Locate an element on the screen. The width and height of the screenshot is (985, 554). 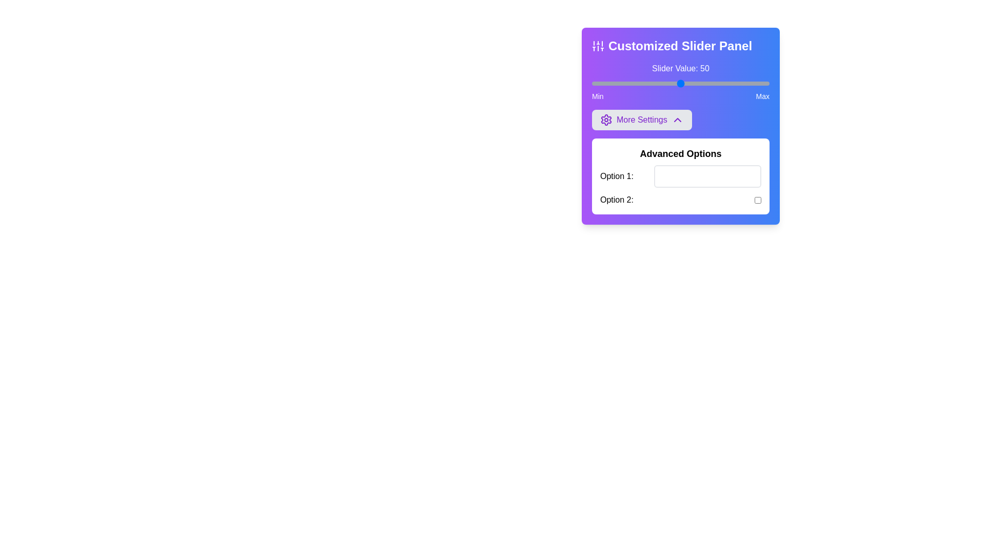
the 'More Settings' button with a light gray background, purple text, and icons on either side is located at coordinates (641, 120).